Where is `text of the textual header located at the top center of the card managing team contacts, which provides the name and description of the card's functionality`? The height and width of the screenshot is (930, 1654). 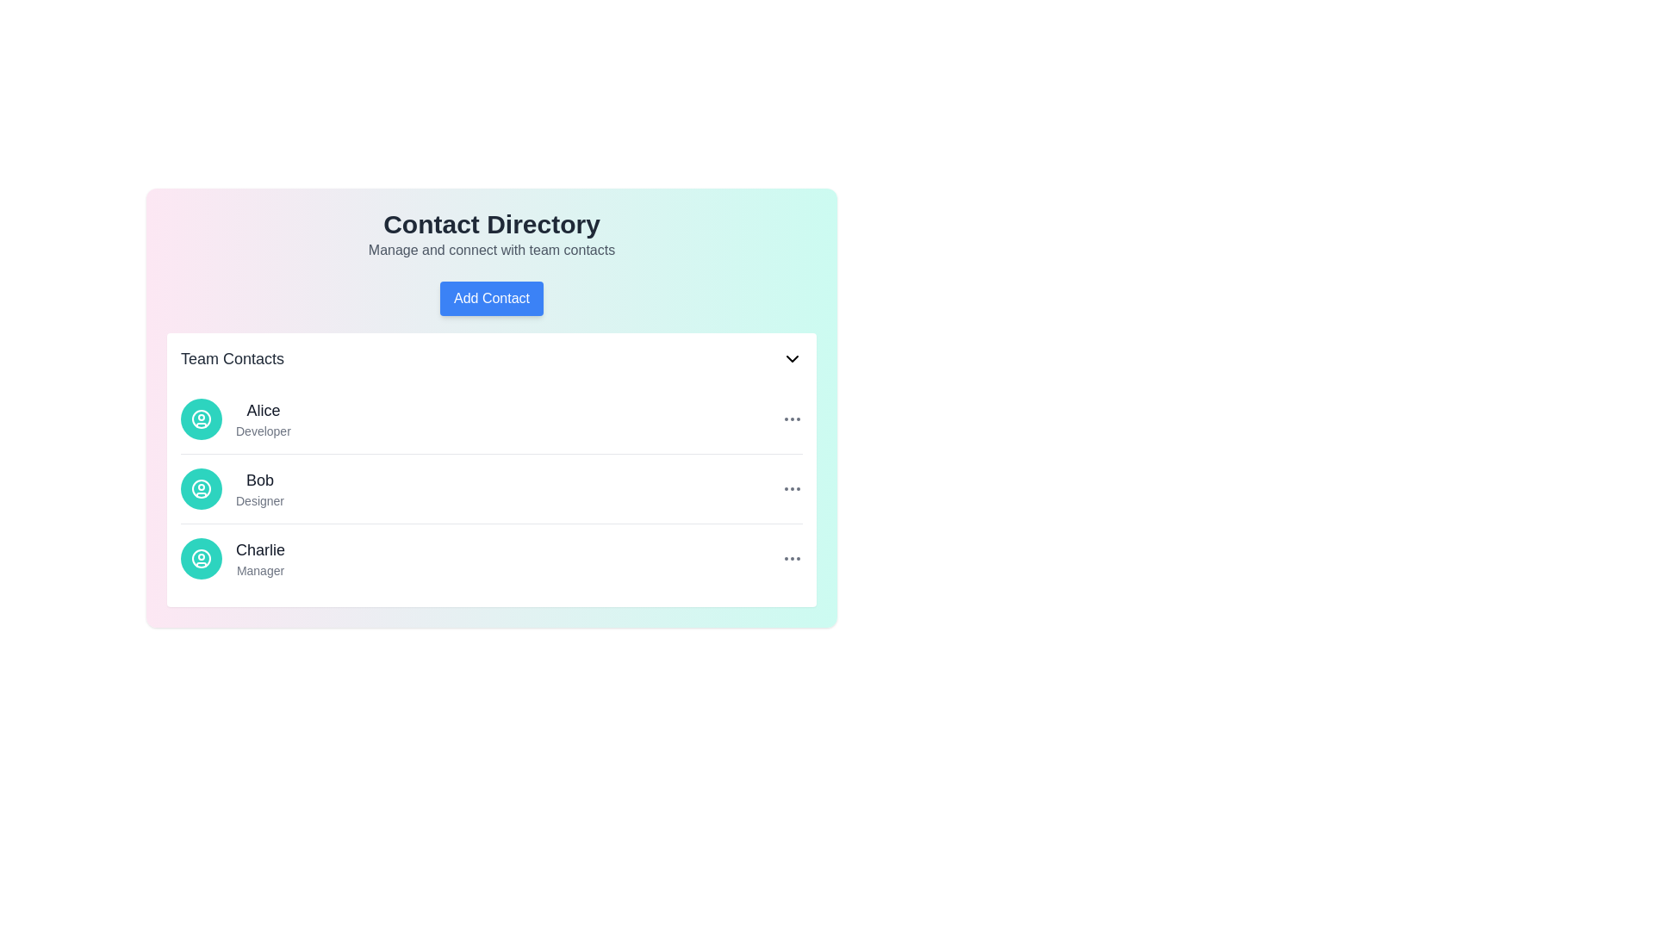
text of the textual header located at the top center of the card managing team contacts, which provides the name and description of the card's functionality is located at coordinates (491, 235).